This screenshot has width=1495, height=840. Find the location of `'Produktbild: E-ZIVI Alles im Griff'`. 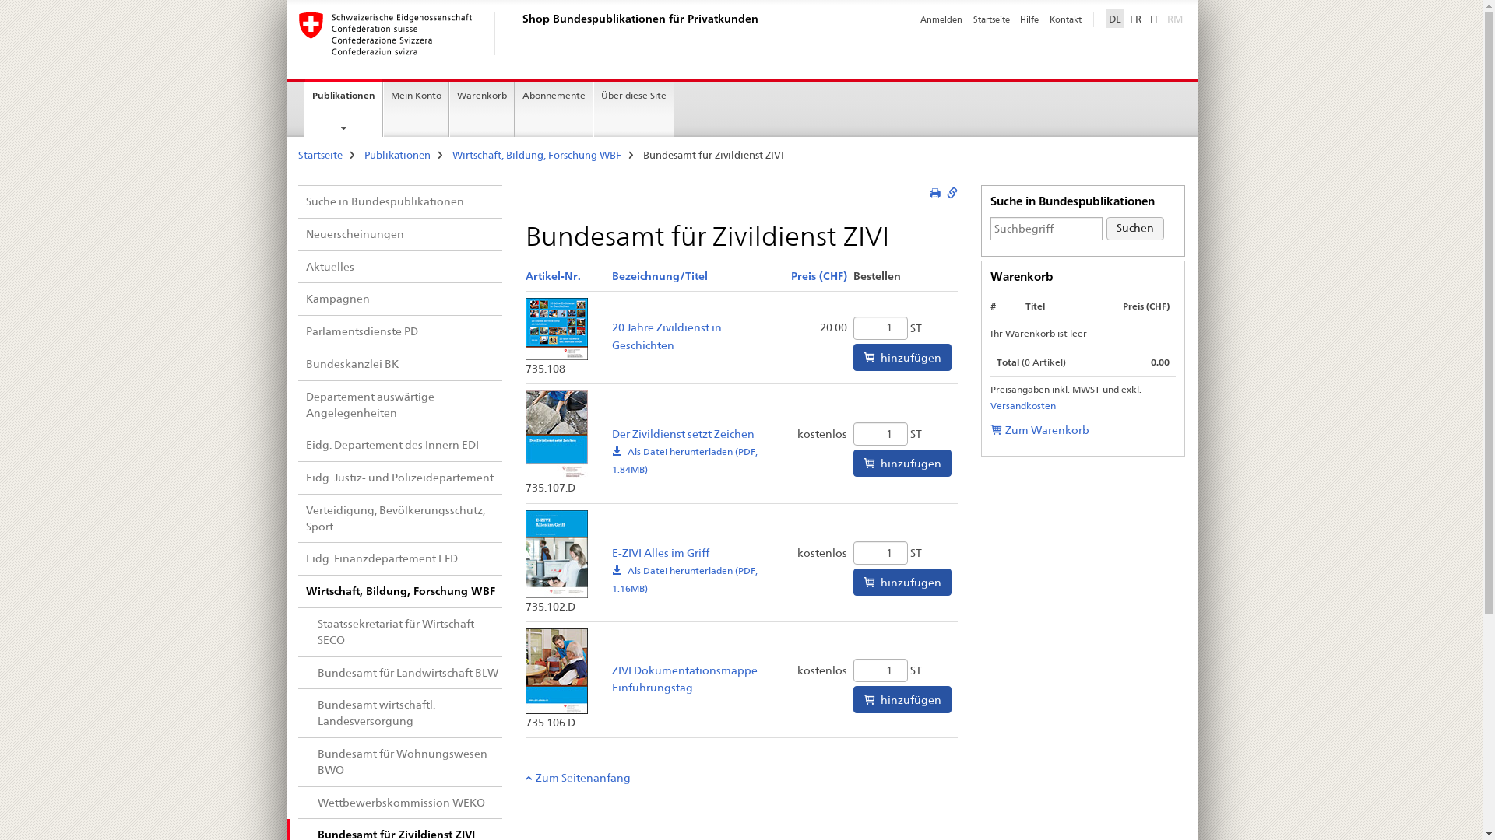

'Produktbild: E-ZIVI Alles im Griff' is located at coordinates (557, 551).